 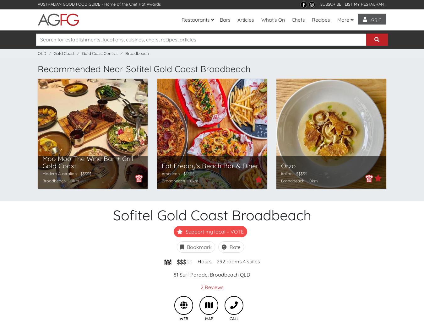 I want to click on '- Home of the', so click(x=115, y=4).